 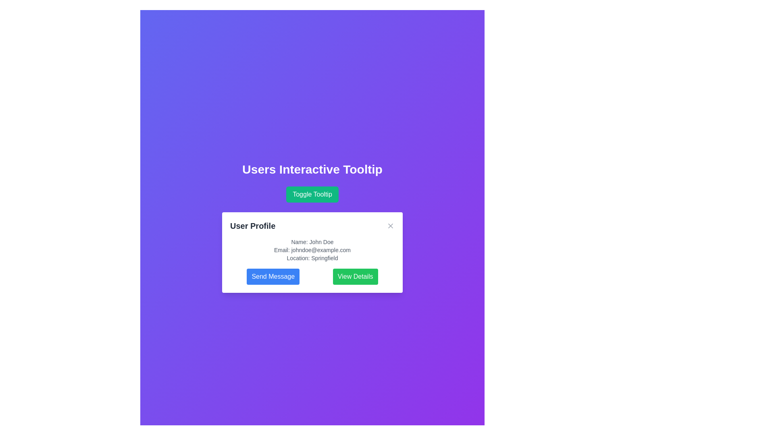 What do you see at coordinates (312, 194) in the screenshot?
I see `the button located below the heading 'Users Interactive Tooltip'` at bounding box center [312, 194].